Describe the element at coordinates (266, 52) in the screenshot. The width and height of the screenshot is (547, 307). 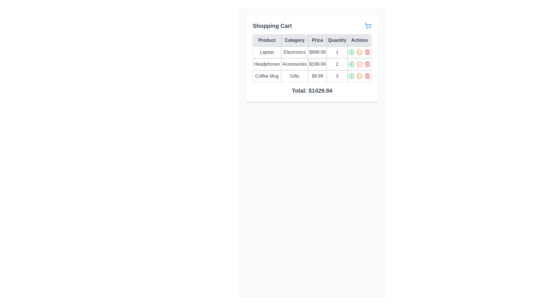
I see `the 'Laptop' text label in the shopping cart, which identifies the product in the first row and first column under the 'Product' header` at that location.